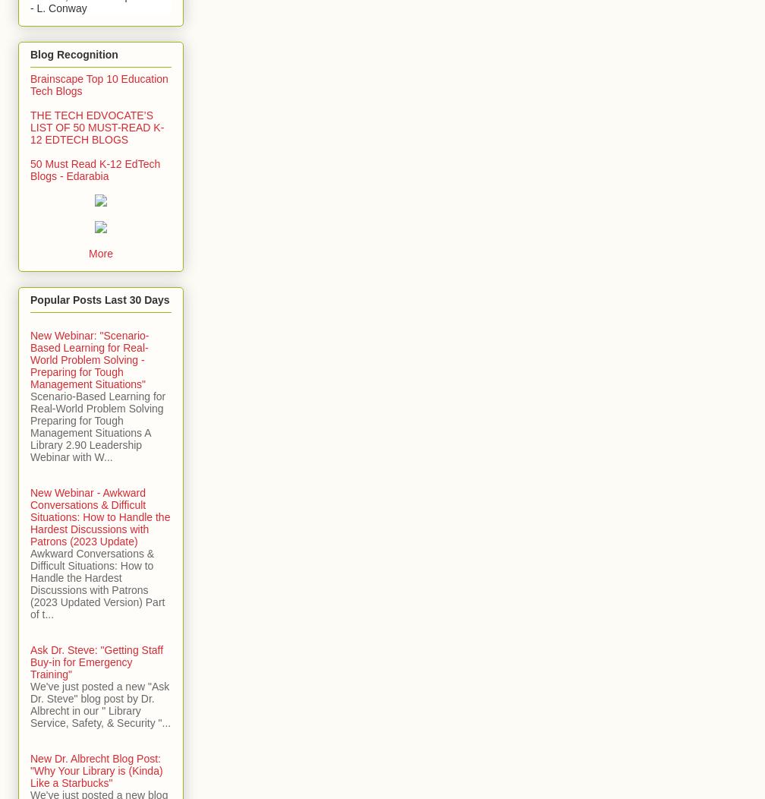 The width and height of the screenshot is (765, 799). What do you see at coordinates (97, 125) in the screenshot?
I see `'THE TECH EDVOCATE’S LIST OF 50 MUST-READ K-12 EDTECH BLOGS'` at bounding box center [97, 125].